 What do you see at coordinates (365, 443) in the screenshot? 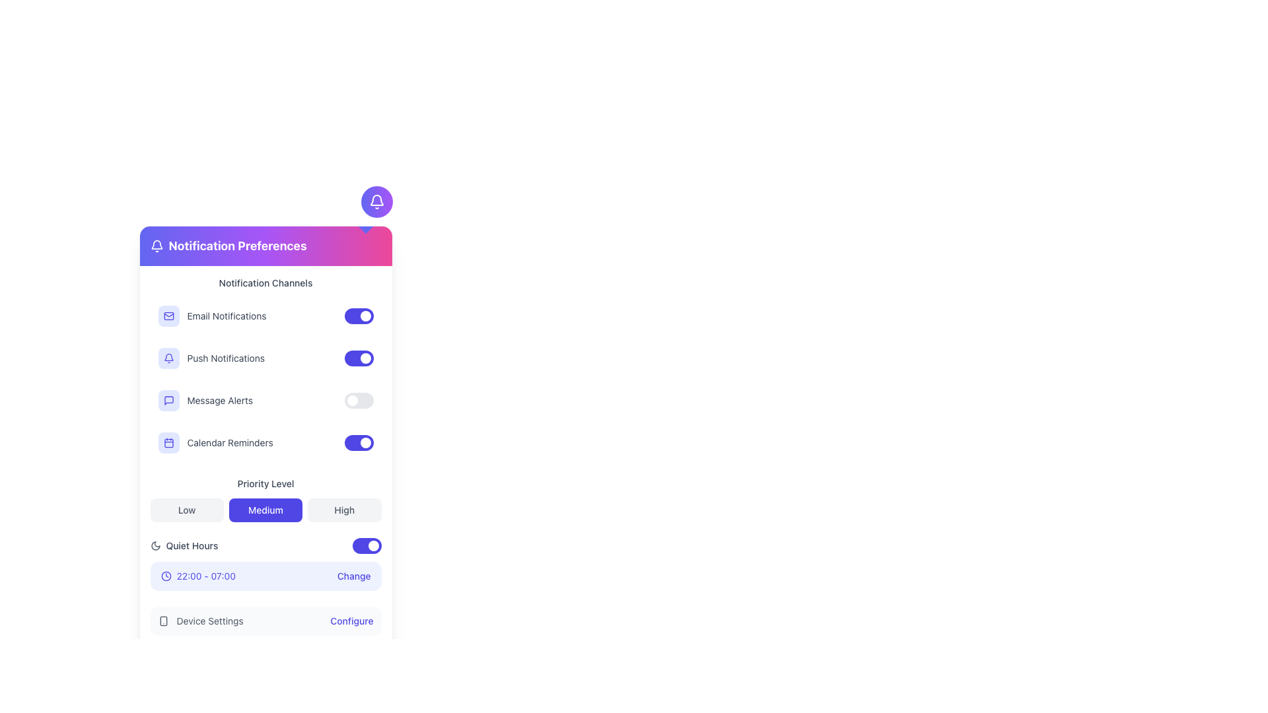
I see `the circular toggle indicator with a white color in the 'Push Notifications' section of the 'Notification Preferences' layout` at bounding box center [365, 443].